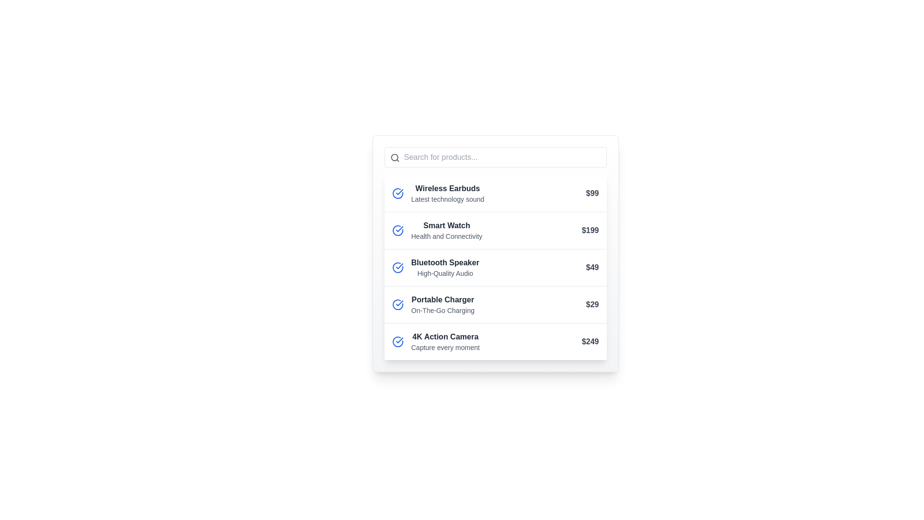 The height and width of the screenshot is (520, 924). I want to click on the magnifying glass icon, which includes the inner circle graphical element, so click(394, 157).